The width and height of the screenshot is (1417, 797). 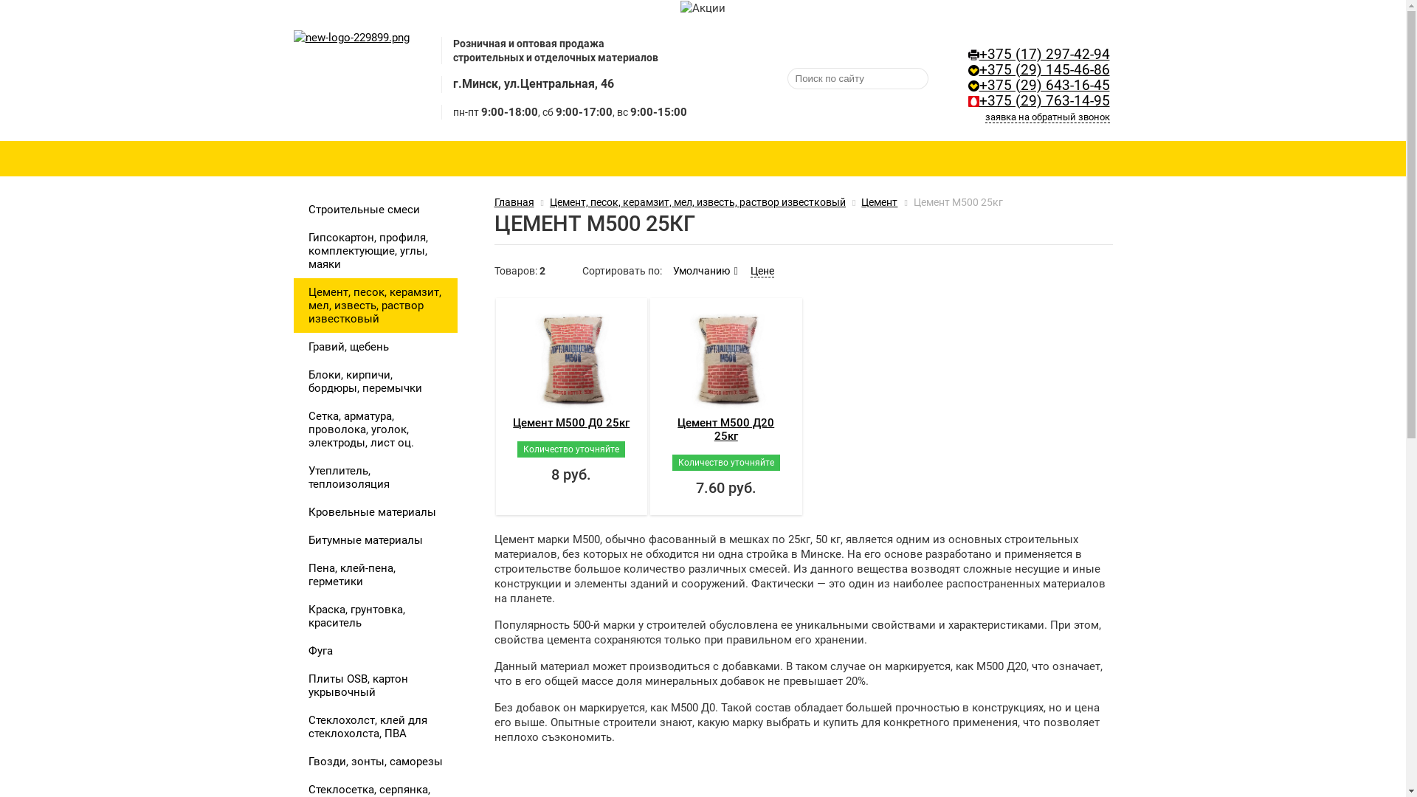 I want to click on 'Budaynik', so click(x=351, y=77).